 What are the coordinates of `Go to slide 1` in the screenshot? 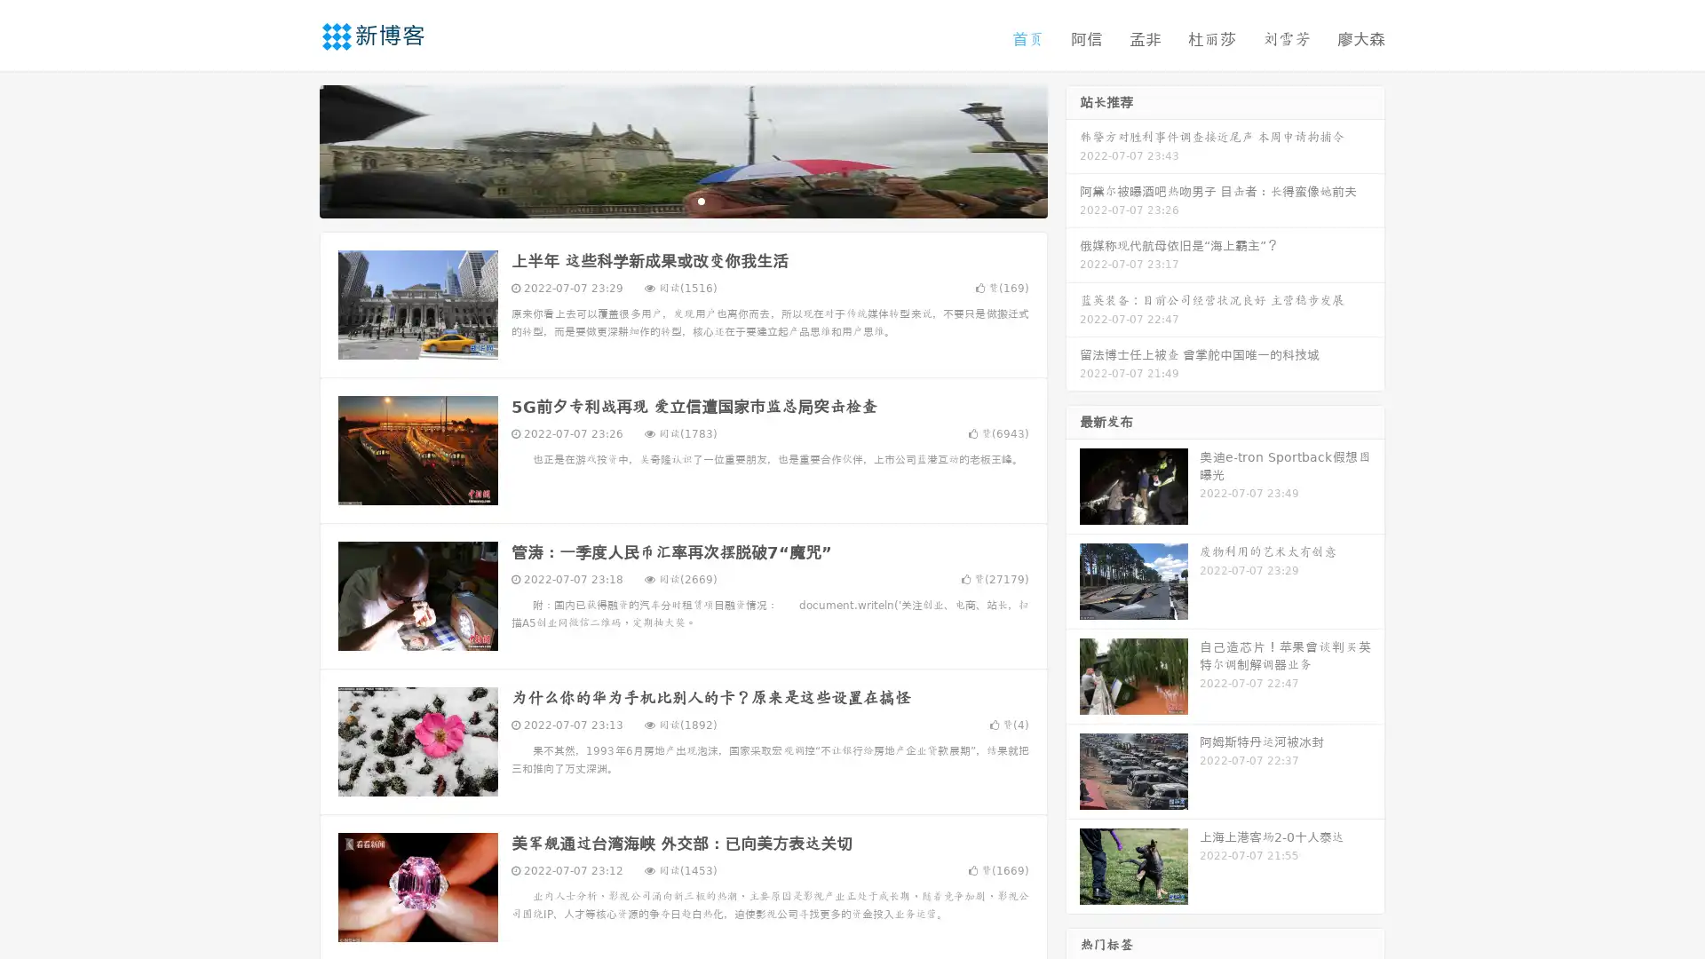 It's located at (664, 200).